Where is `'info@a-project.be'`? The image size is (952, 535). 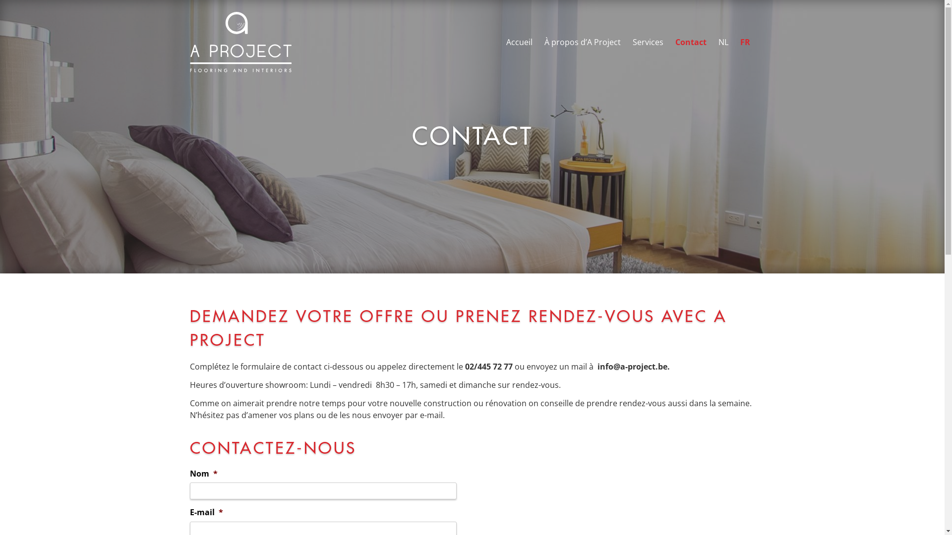 'info@a-project.be' is located at coordinates (631, 367).